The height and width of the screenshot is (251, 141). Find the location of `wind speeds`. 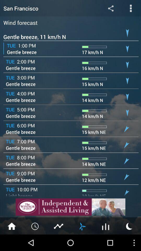

wind speeds is located at coordinates (82, 226).